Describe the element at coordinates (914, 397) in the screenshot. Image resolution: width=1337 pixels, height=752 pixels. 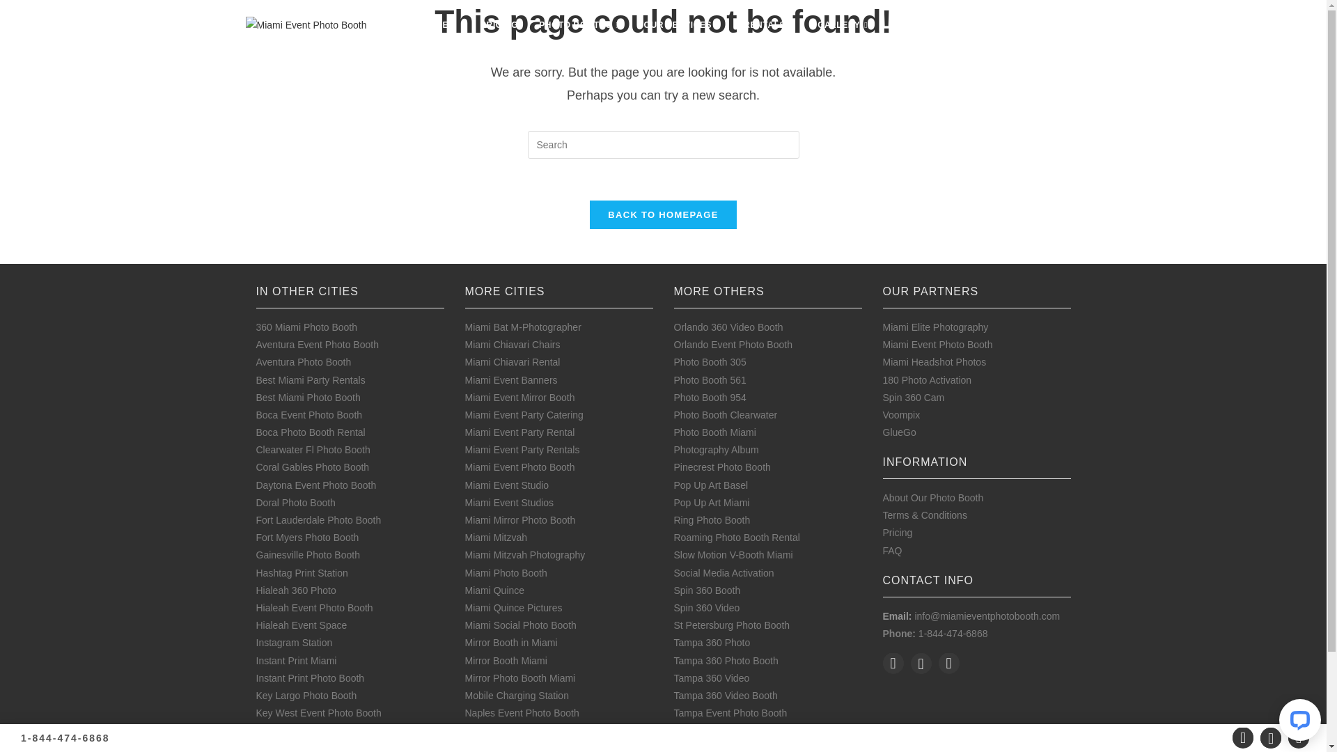
I see `'Spin 360 Cam'` at that location.